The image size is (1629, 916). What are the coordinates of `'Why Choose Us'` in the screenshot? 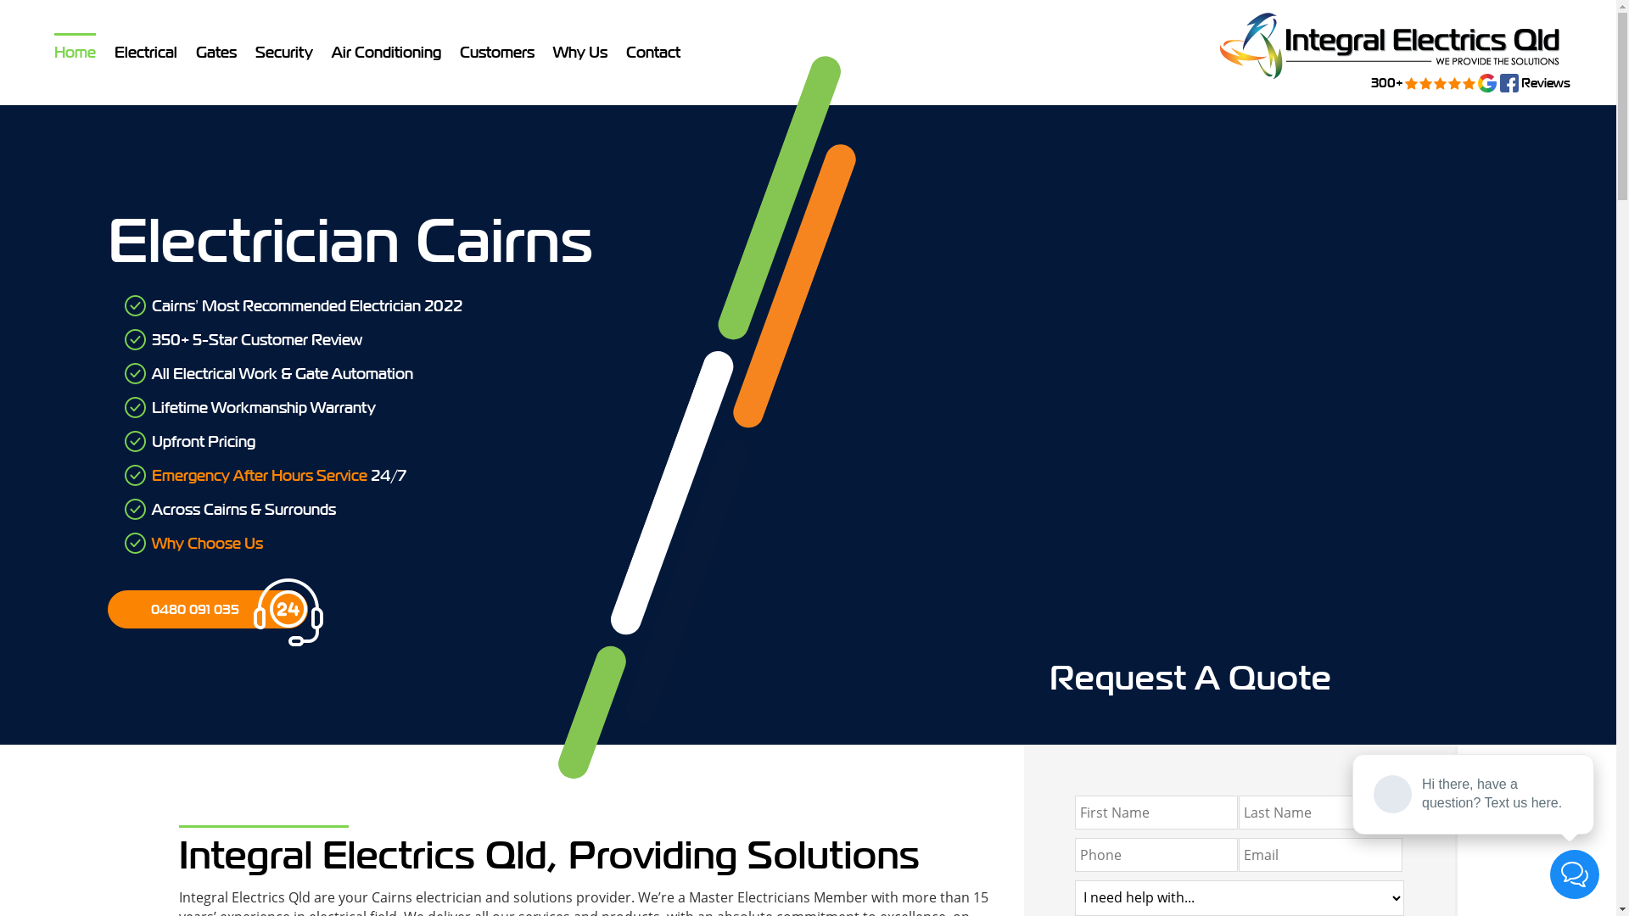 It's located at (206, 543).